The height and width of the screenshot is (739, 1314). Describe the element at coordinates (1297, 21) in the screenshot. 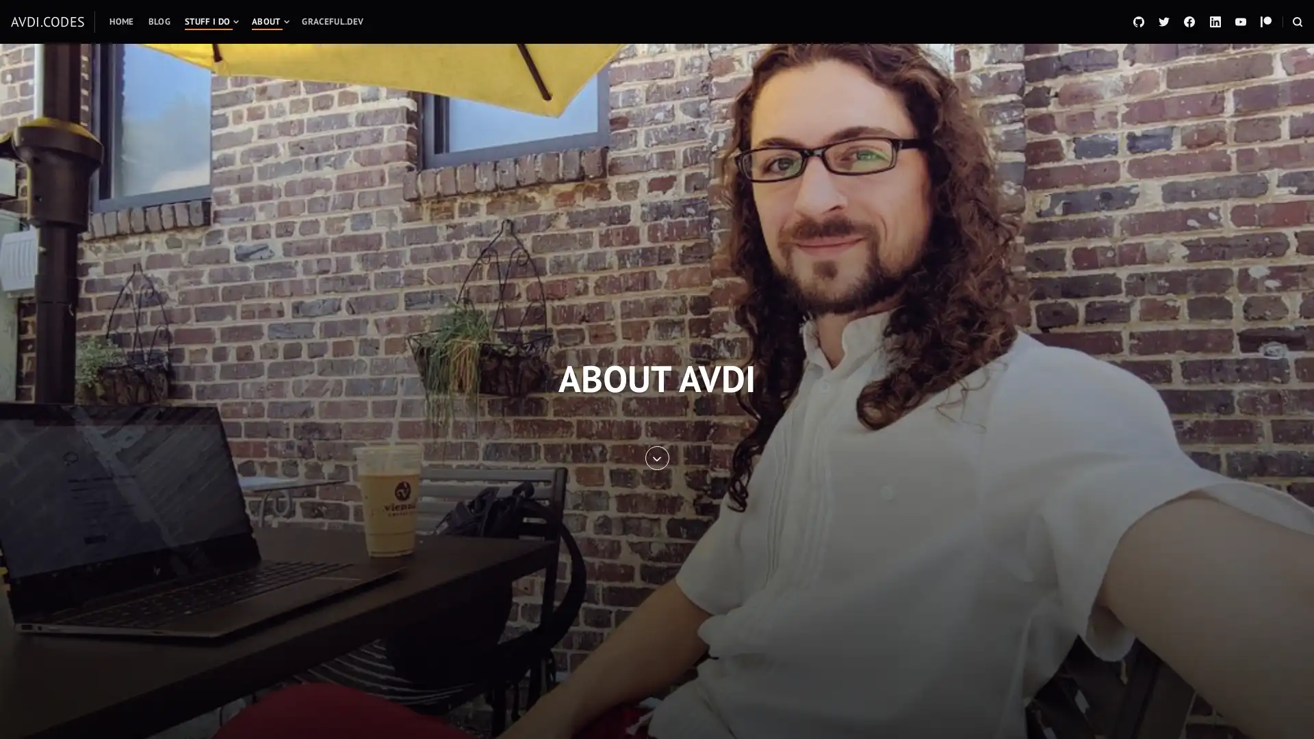

I see `OPEN A SEARCH FORM IN A MODAL WINDOW` at that location.